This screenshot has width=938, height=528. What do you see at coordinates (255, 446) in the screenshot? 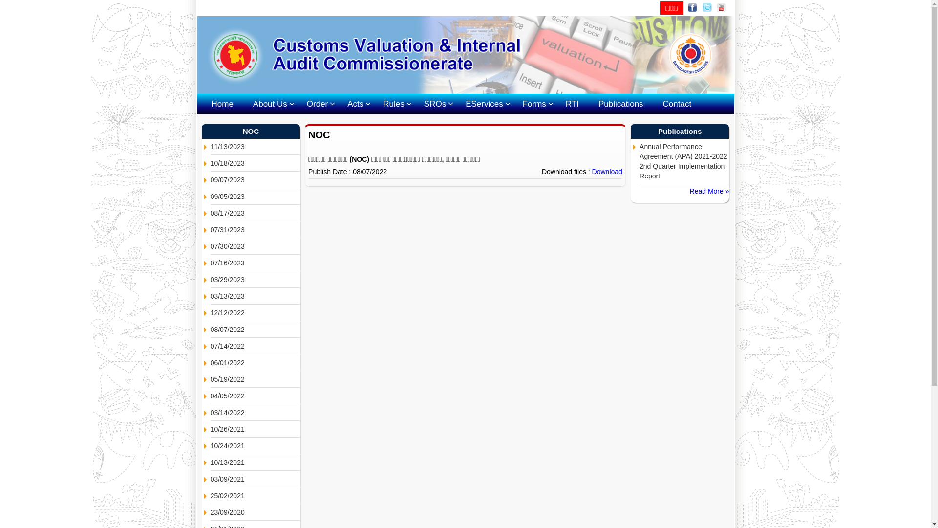
I see `'10/24/2021'` at bounding box center [255, 446].